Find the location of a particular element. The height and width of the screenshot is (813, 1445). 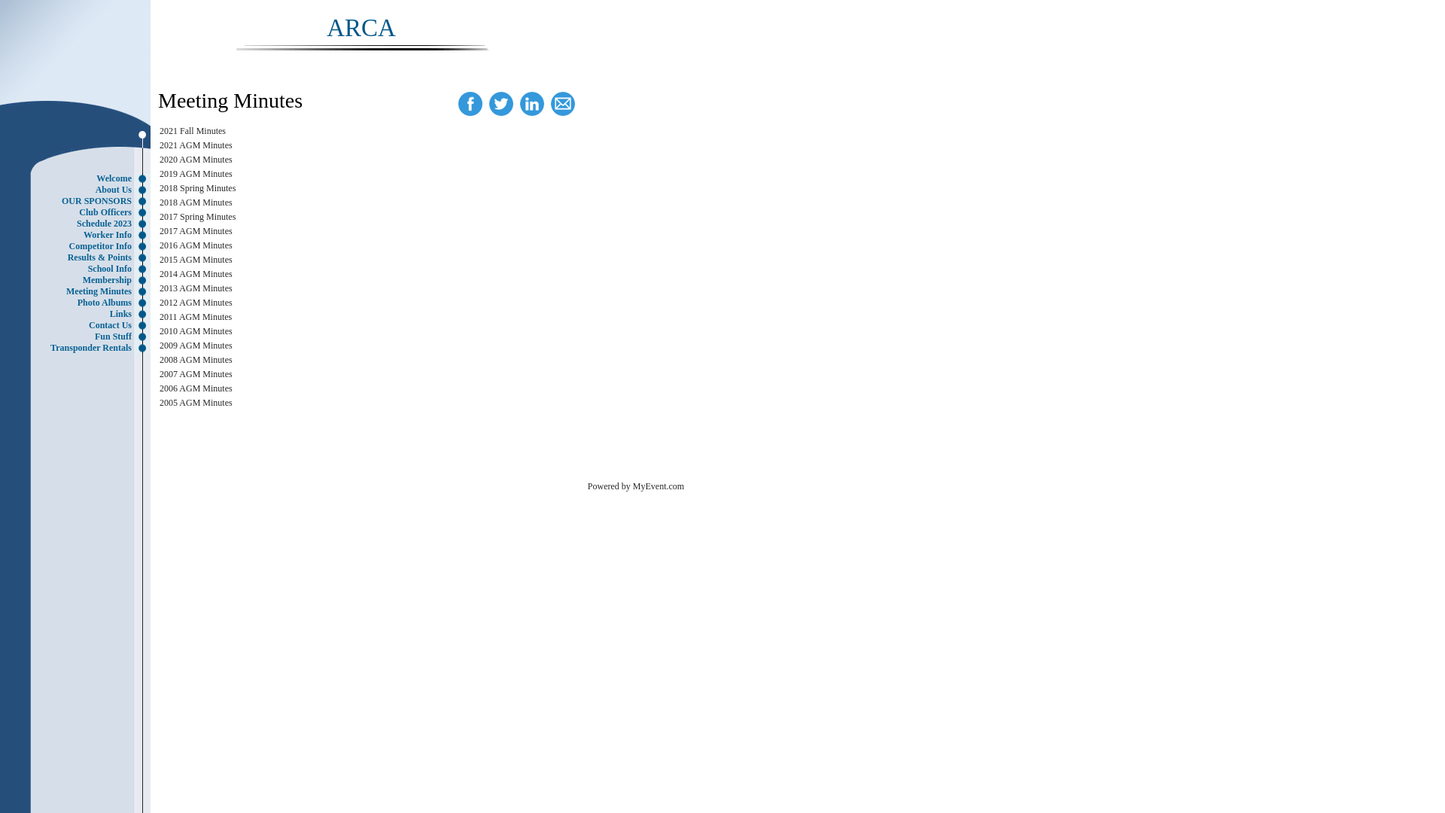

'Fun Stuff' is located at coordinates (78, 336).